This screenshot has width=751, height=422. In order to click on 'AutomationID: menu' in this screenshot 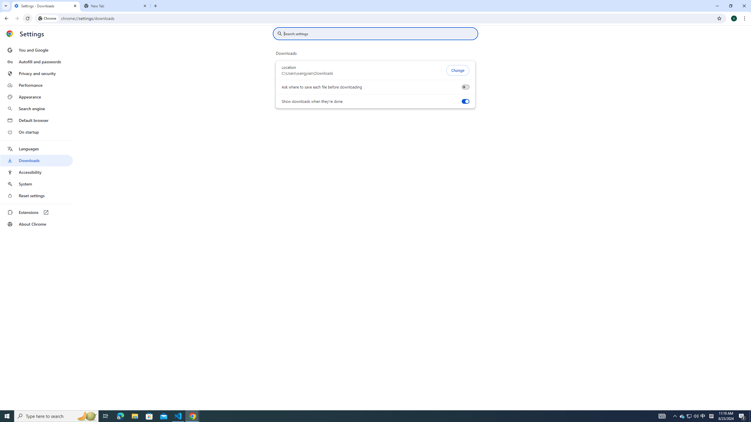, I will do `click(37, 137)`.